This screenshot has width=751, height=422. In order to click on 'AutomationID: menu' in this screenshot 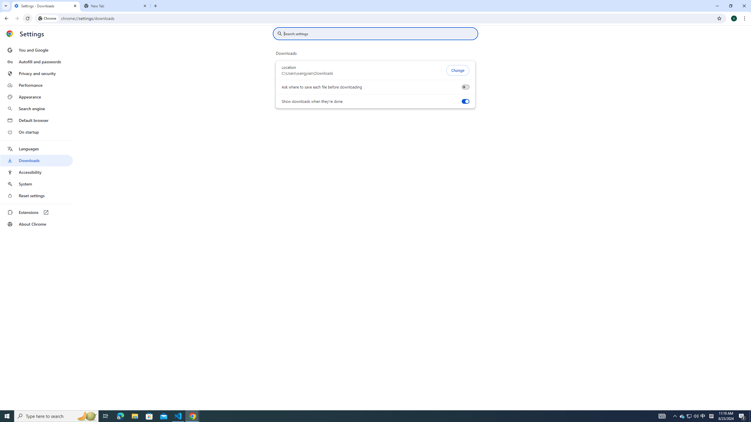, I will do `click(37, 137)`.